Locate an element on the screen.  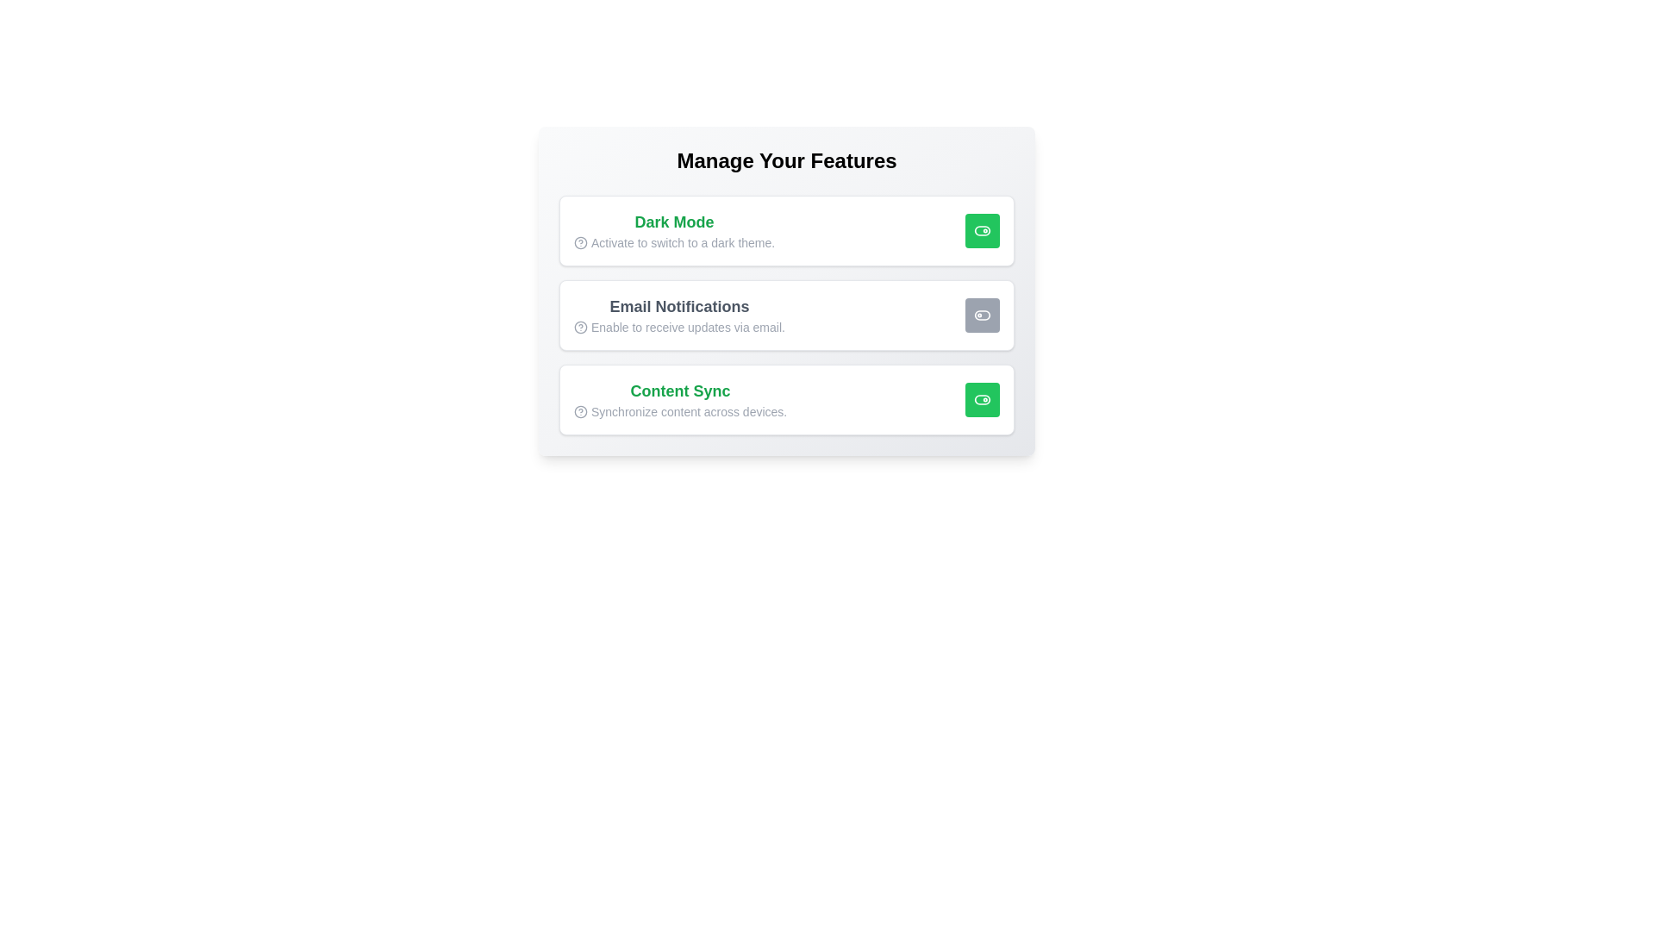
the toggle button for the feature 'Dark Mode' to change its state is located at coordinates (983, 229).